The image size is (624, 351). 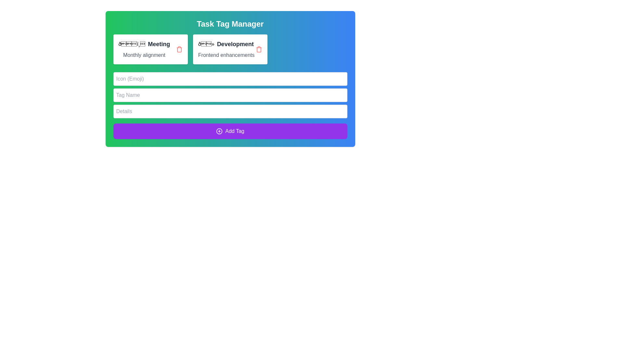 I want to click on the descriptive text label located directly below the 'Development' title, which provides additional context about the title, so click(x=226, y=55).